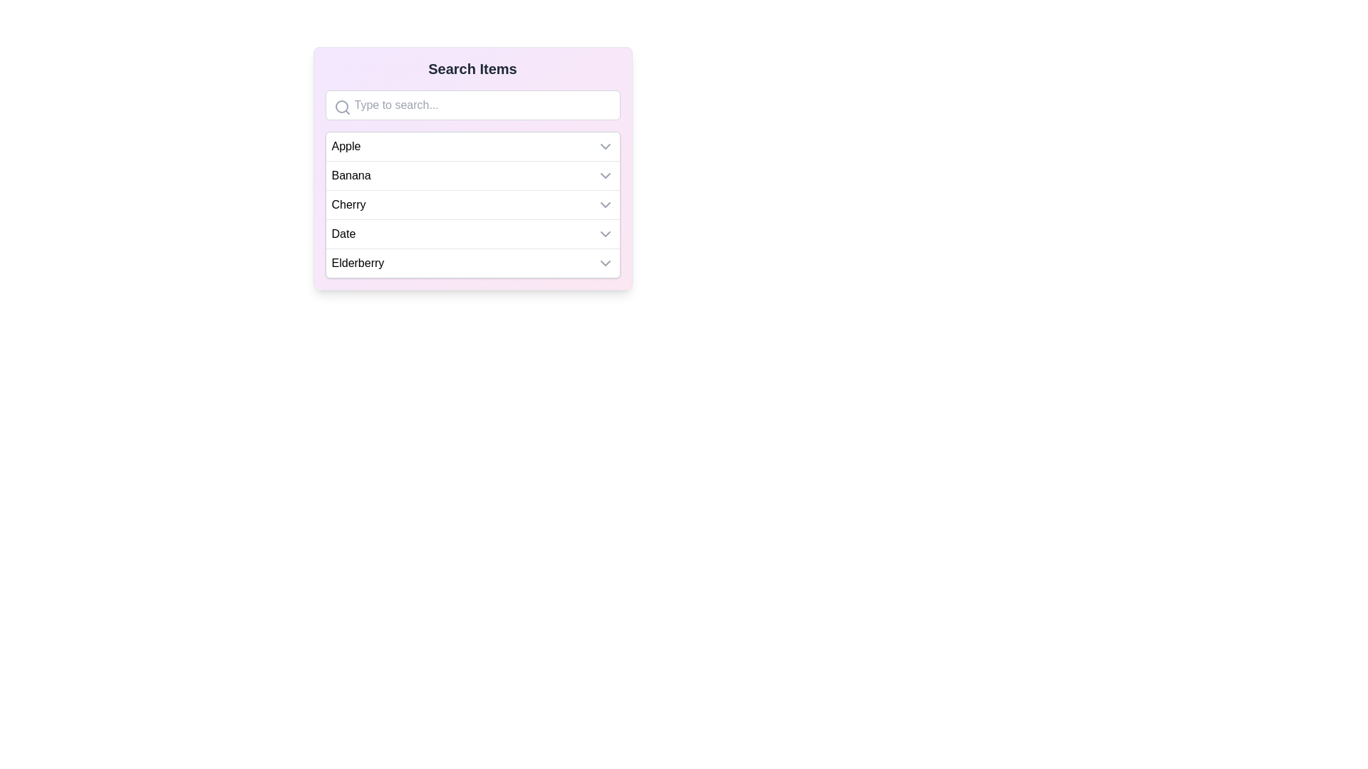 The image size is (1368, 769). What do you see at coordinates (342, 106) in the screenshot?
I see `the search icon located at the leftmost part of the search field, adjacent to the text input area` at bounding box center [342, 106].